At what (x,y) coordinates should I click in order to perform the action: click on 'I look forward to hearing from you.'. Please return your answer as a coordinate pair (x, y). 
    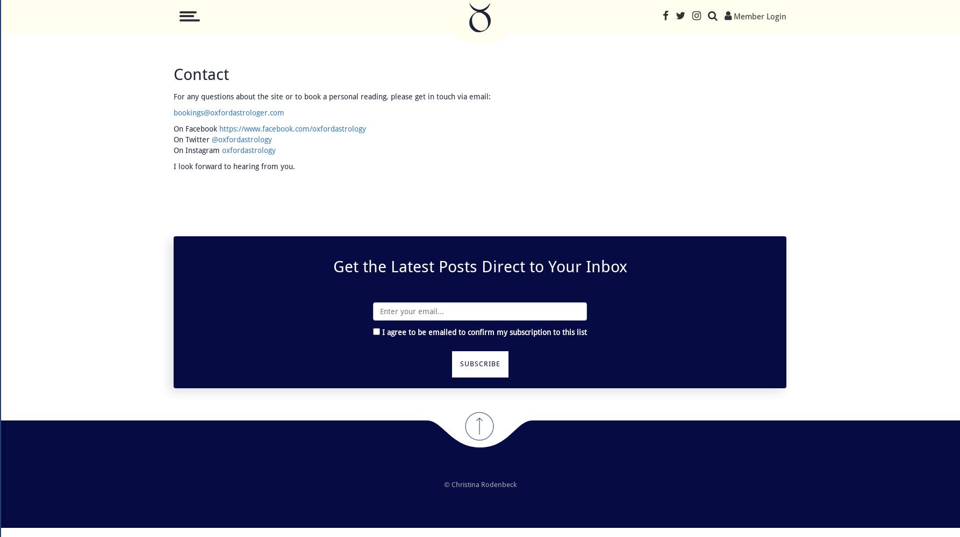
    Looking at the image, I should click on (234, 166).